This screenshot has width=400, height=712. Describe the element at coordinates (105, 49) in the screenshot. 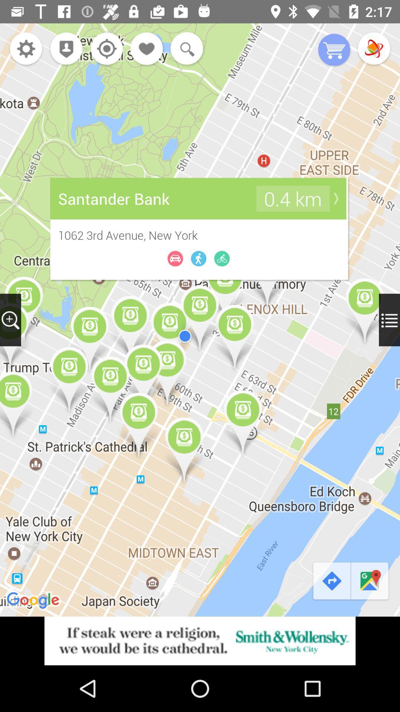

I see `the location_crosshair icon` at that location.